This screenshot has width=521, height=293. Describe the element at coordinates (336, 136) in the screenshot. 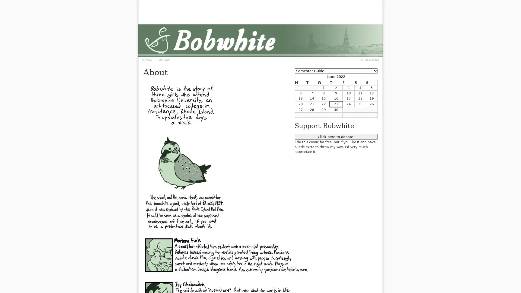

I see `Click here to donate!` at that location.